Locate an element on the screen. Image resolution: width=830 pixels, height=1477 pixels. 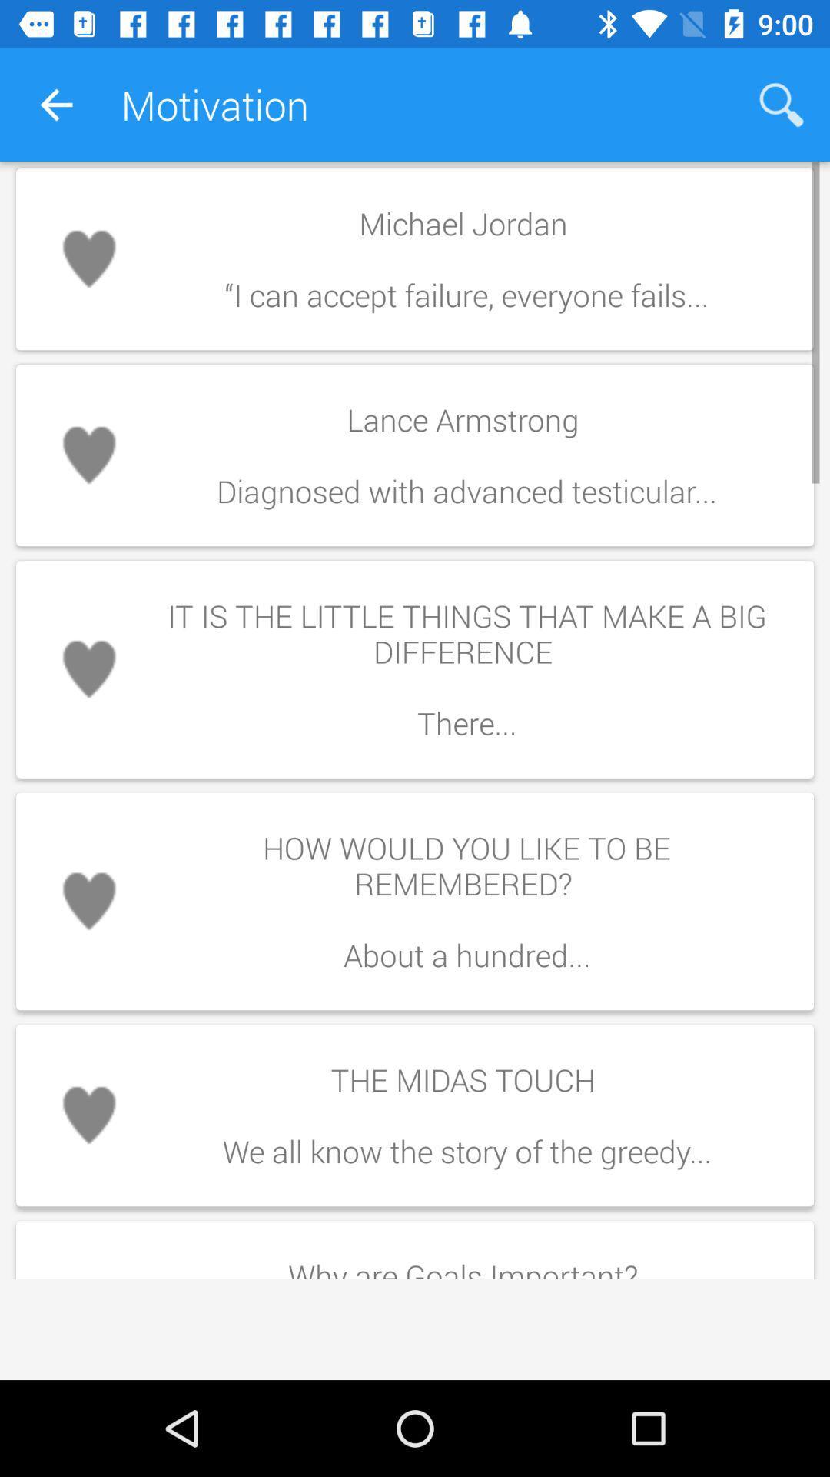
the fourth love symbol from top left of page is located at coordinates (88, 901).